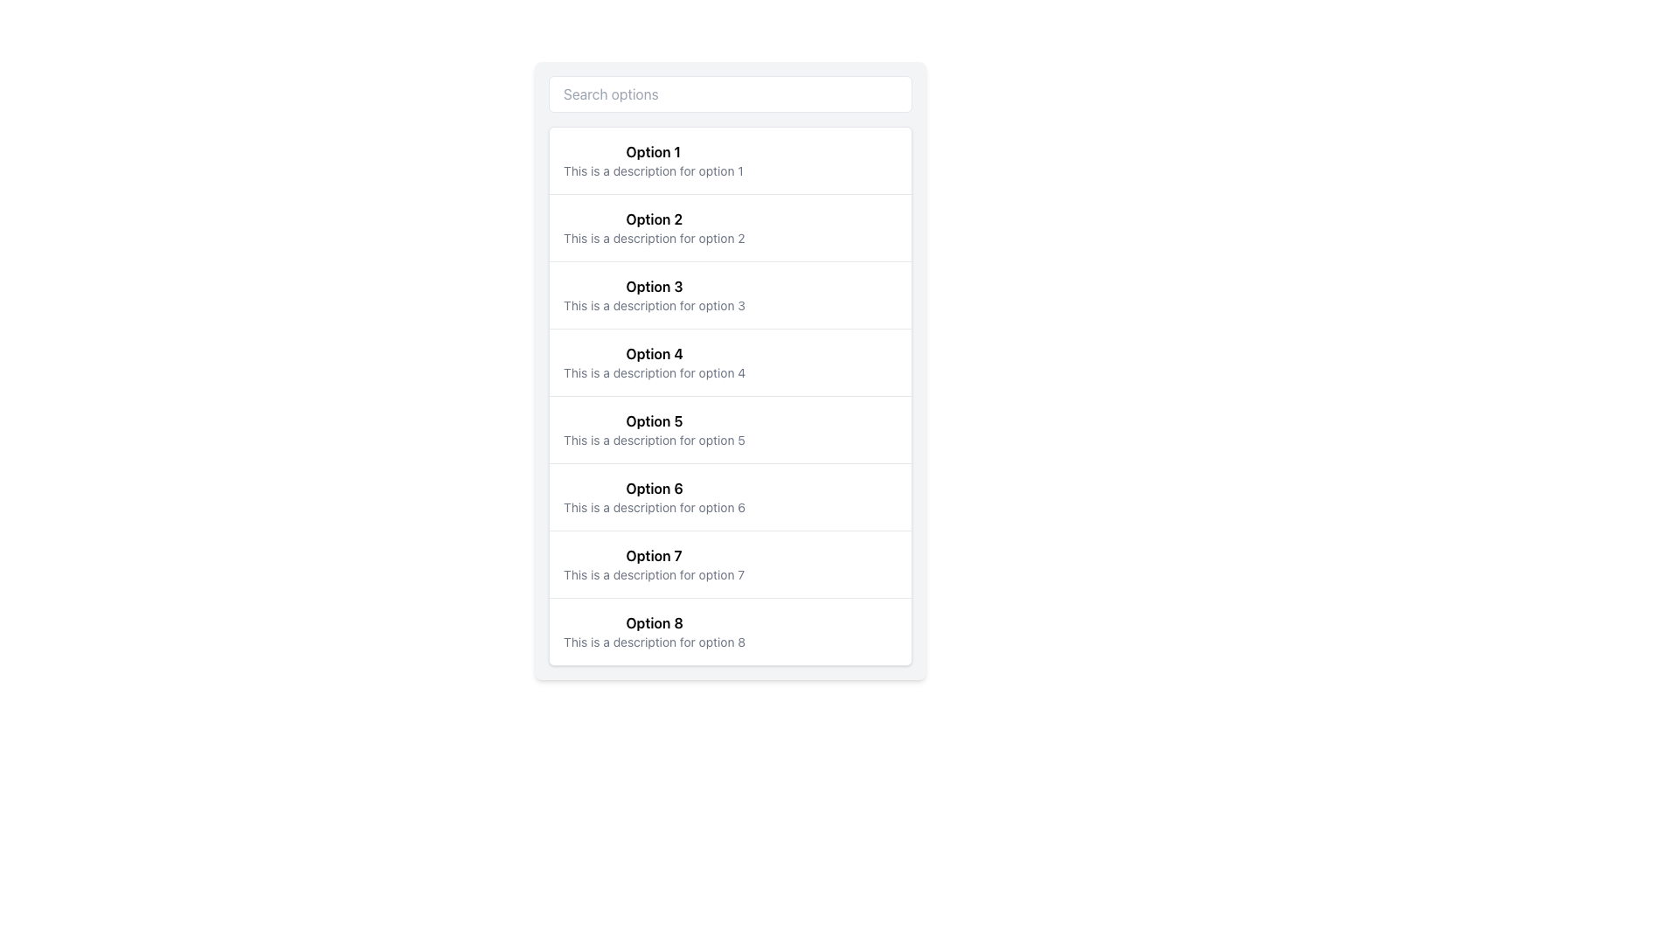 This screenshot has height=944, width=1678. What do you see at coordinates (653, 218) in the screenshot?
I see `text content of the bold label displaying 'Option 2', which is the second title in a vertical list of selectable options` at bounding box center [653, 218].